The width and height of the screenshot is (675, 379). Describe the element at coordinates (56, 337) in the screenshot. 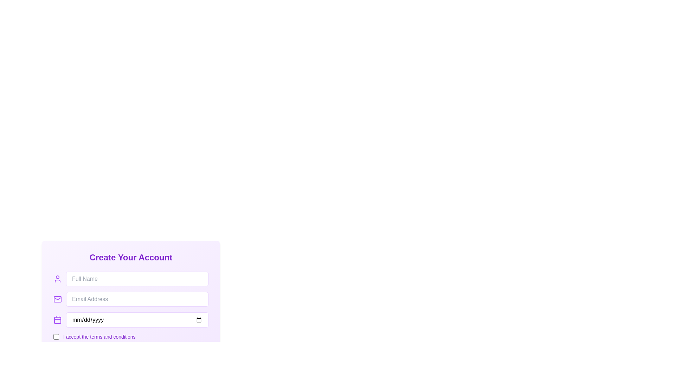

I see `the checkbox for terms and conditions` at that location.